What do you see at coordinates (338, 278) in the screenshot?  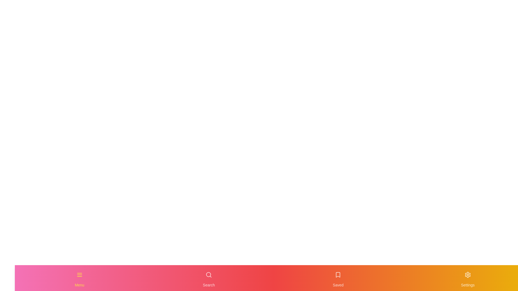 I see `the navigation item labeled Saved to highlight it` at bounding box center [338, 278].